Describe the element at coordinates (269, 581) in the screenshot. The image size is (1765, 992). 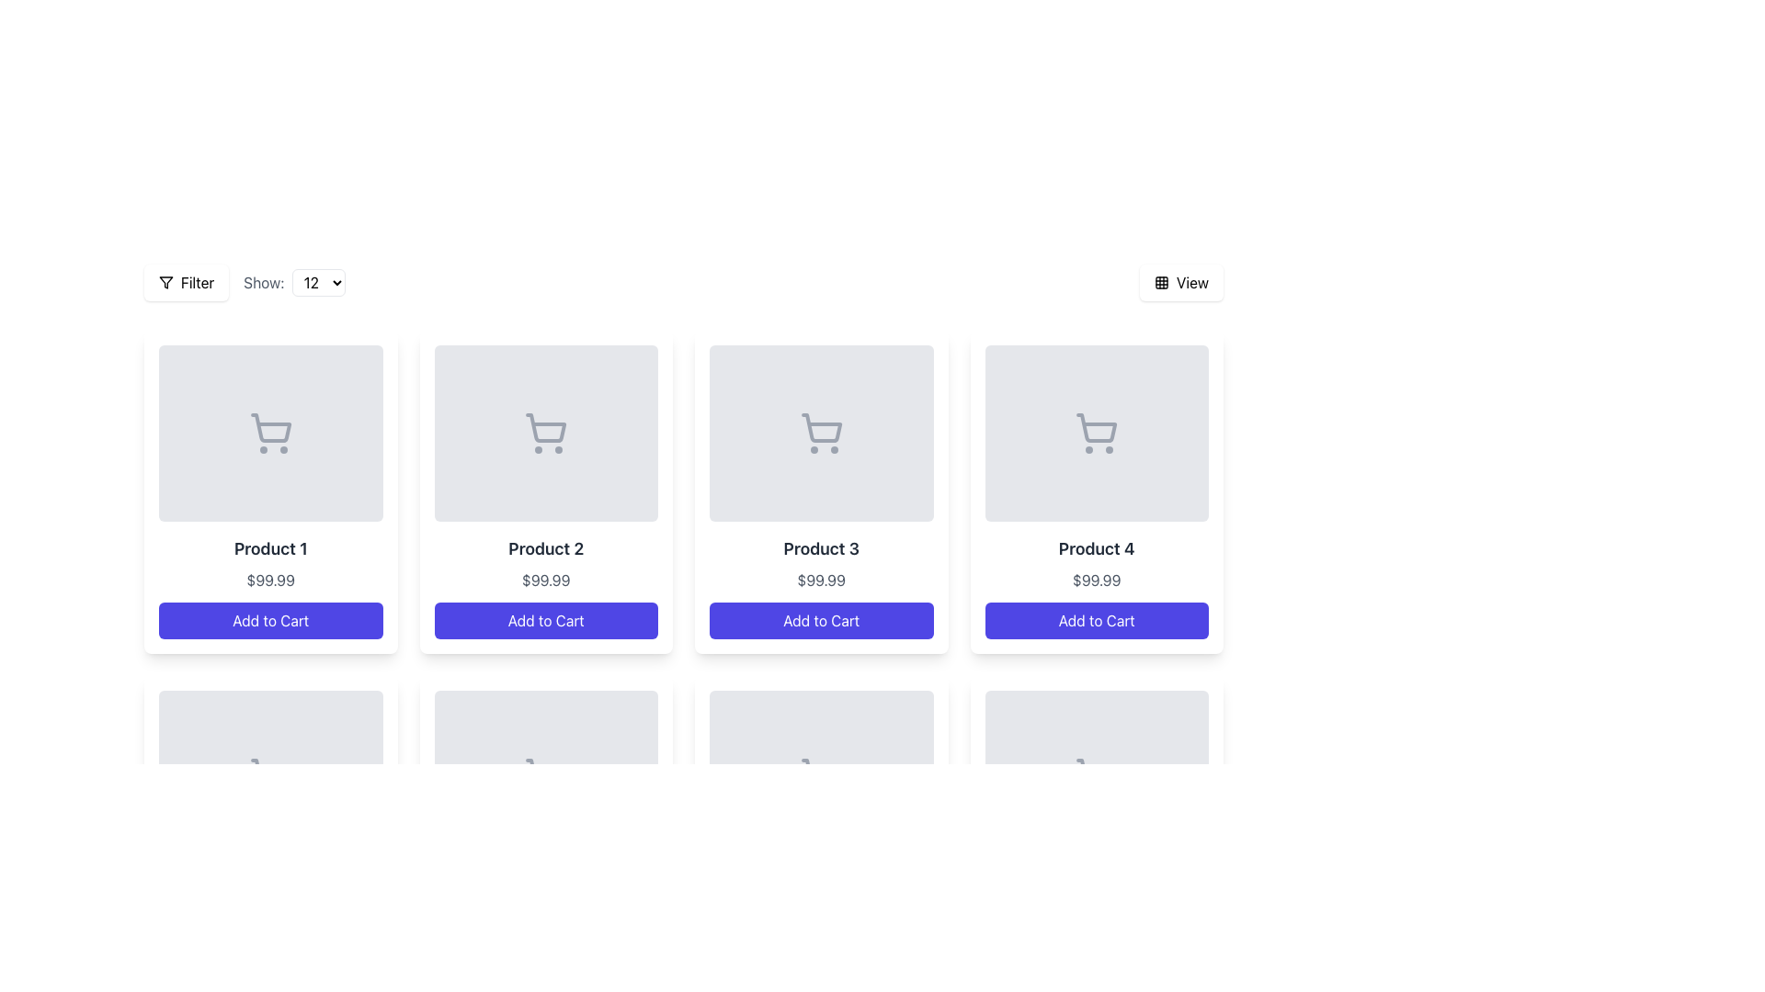
I see `the text label displaying the cost of the product, which is located below the title 'Product 1' and above the 'Add to Cart' button` at that location.